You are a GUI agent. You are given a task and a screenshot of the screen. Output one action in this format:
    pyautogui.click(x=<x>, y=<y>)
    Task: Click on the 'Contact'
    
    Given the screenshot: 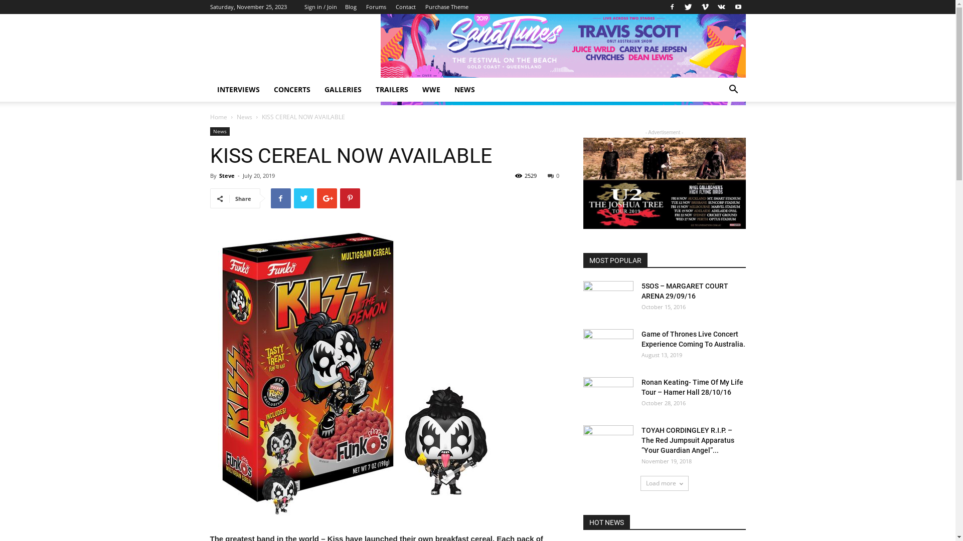 What is the action you would take?
    pyautogui.click(x=405, y=7)
    